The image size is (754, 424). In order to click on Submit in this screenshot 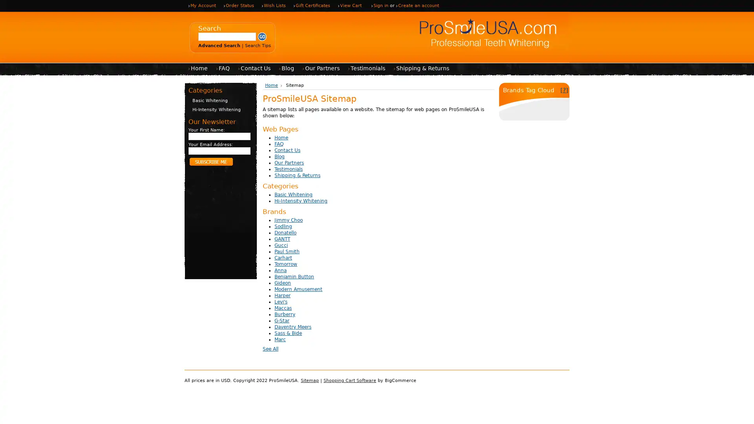, I will do `click(262, 37)`.